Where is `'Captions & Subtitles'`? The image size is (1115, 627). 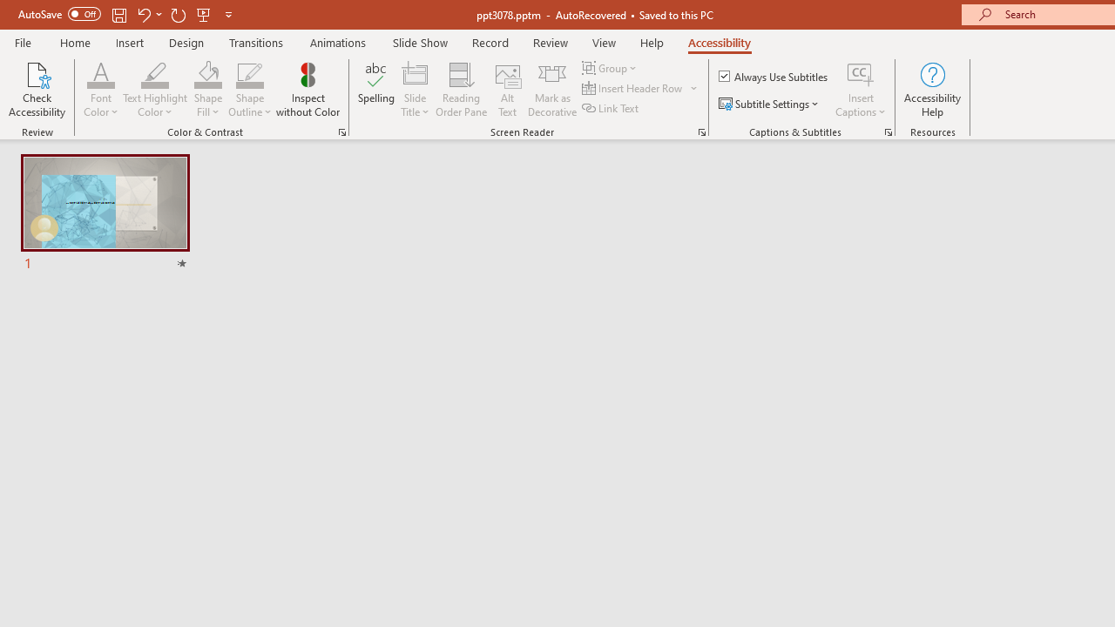
'Captions & Subtitles' is located at coordinates (889, 131).